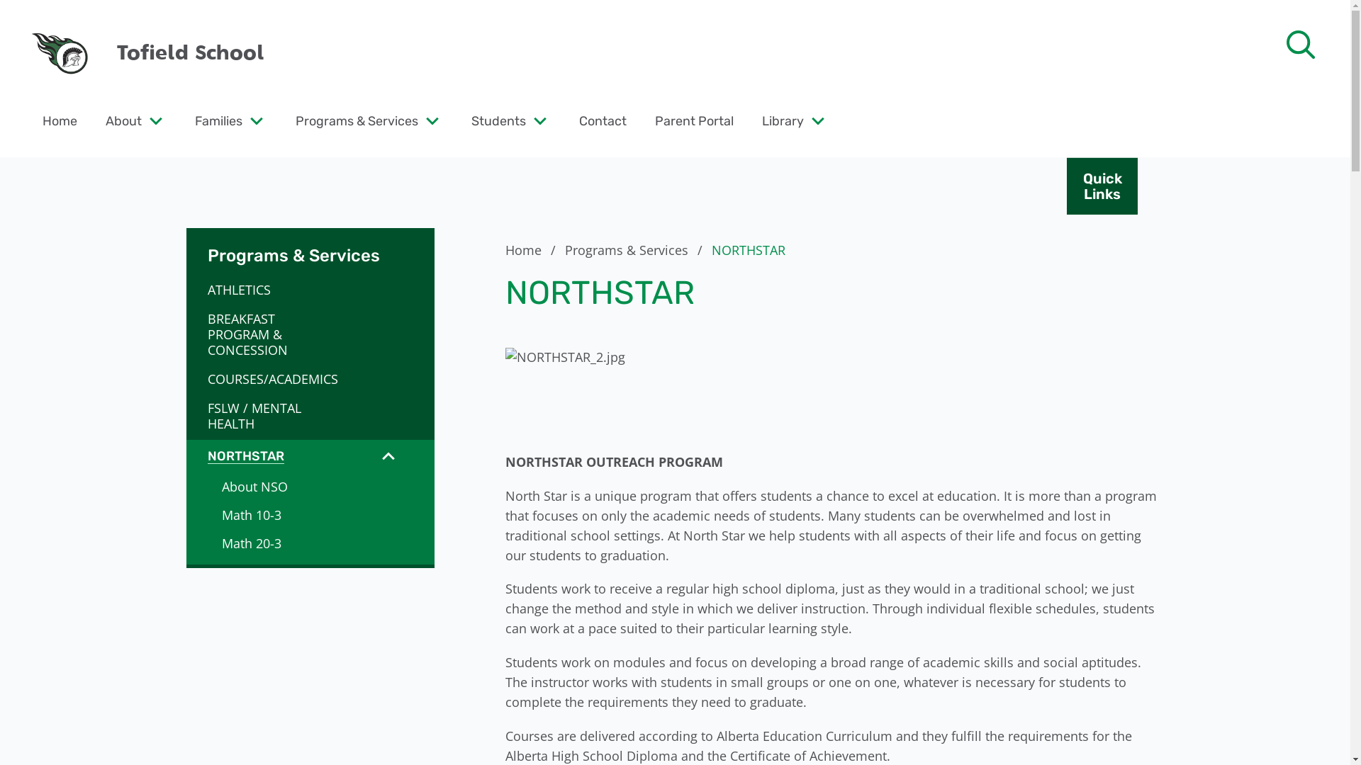 The height and width of the screenshot is (765, 1361). What do you see at coordinates (498, 120) in the screenshot?
I see `'Students'` at bounding box center [498, 120].